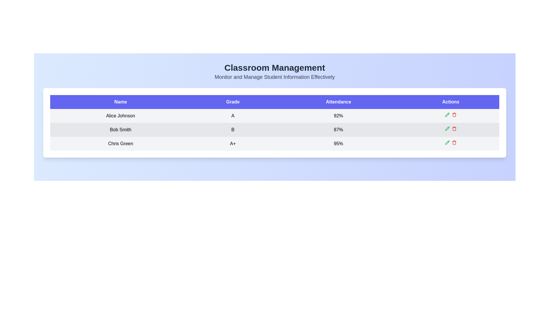 The height and width of the screenshot is (313, 557). What do you see at coordinates (454, 128) in the screenshot?
I see `the delete button located in the 'Actions' column of the table row corresponding to 'Bob Smith'` at bounding box center [454, 128].